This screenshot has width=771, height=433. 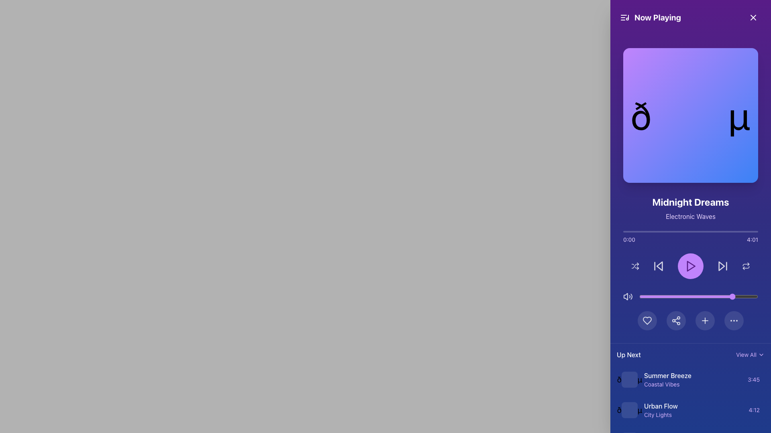 I want to click on the progress bar element located below the 'Midnight Dreams' song title and above the time markers '0:00' and '4:01' to modify playback position, so click(x=690, y=232).